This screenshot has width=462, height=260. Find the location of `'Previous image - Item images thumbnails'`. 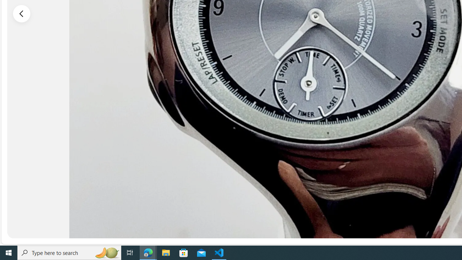

'Previous image - Item images thumbnails' is located at coordinates (22, 13).